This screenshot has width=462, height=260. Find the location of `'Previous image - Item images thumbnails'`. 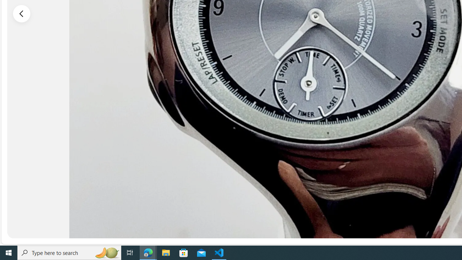

'Previous image - Item images thumbnails' is located at coordinates (22, 13).